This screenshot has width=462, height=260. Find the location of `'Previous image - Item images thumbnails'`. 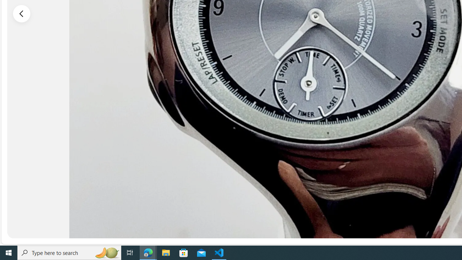

'Previous image - Item images thumbnails' is located at coordinates (22, 13).